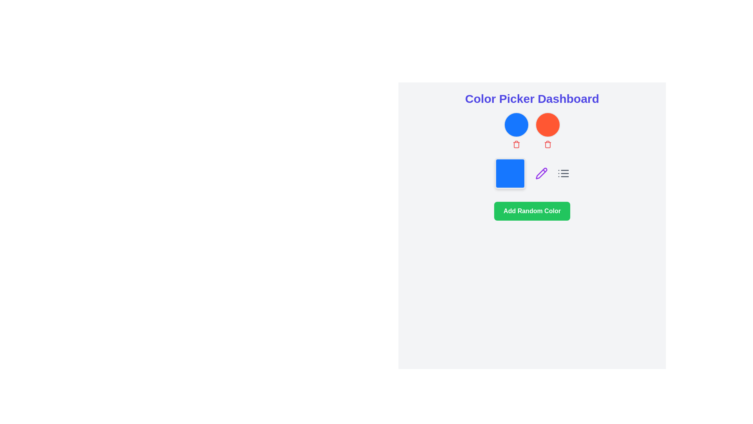 This screenshot has height=424, width=753. What do you see at coordinates (547, 145) in the screenshot?
I see `the lower rectangular portion of the trash icon, which represents the storage section of the bin` at bounding box center [547, 145].